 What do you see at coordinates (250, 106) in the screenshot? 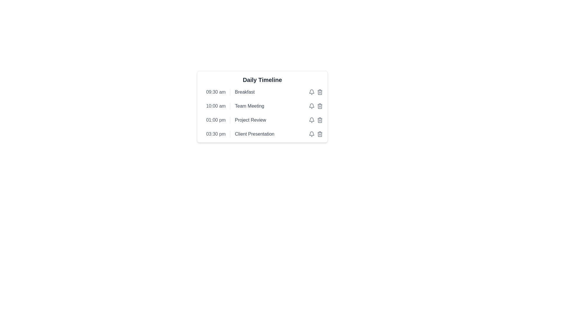
I see `the 'Team Meeting' text label, which is styled with a gray color and positioned in the second row under the 'Daily Timeline' header` at bounding box center [250, 106].